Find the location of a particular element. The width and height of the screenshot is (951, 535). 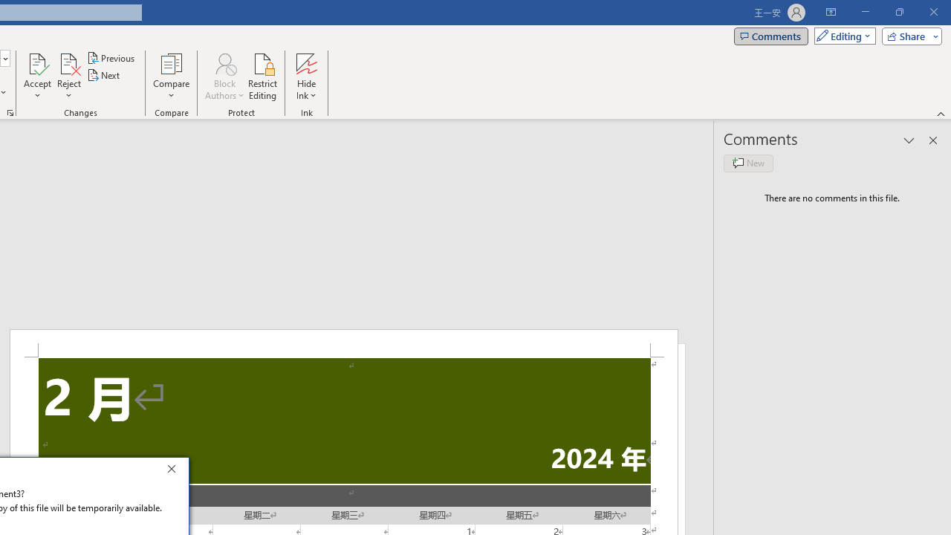

'Change Tracking Options...' is located at coordinates (10, 111).